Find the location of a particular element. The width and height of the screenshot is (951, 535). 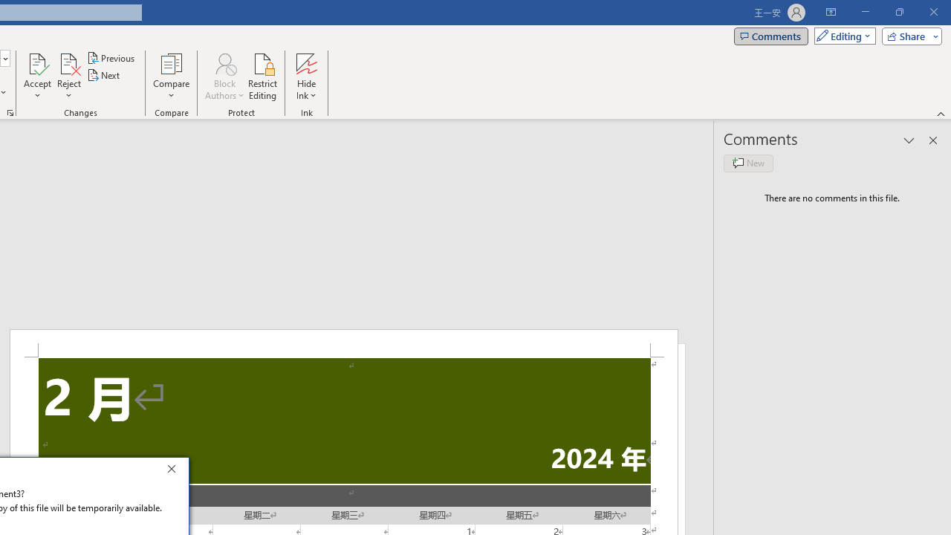

'Change Tracking Options...' is located at coordinates (10, 111).